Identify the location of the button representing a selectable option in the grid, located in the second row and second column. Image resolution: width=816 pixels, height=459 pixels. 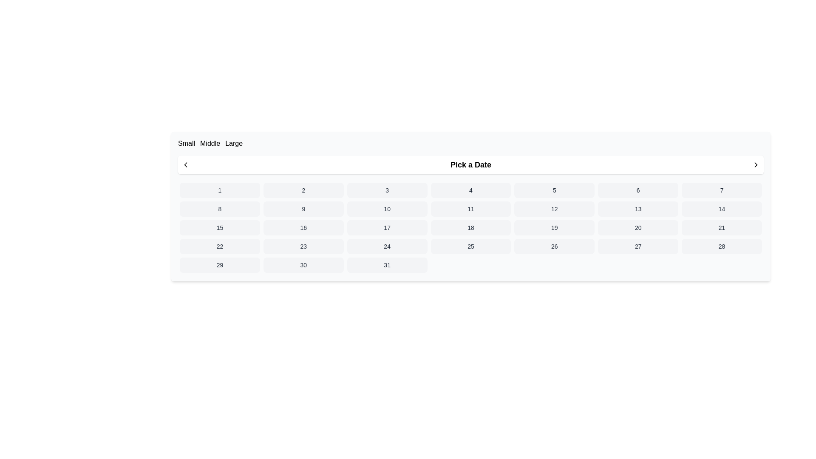
(303, 209).